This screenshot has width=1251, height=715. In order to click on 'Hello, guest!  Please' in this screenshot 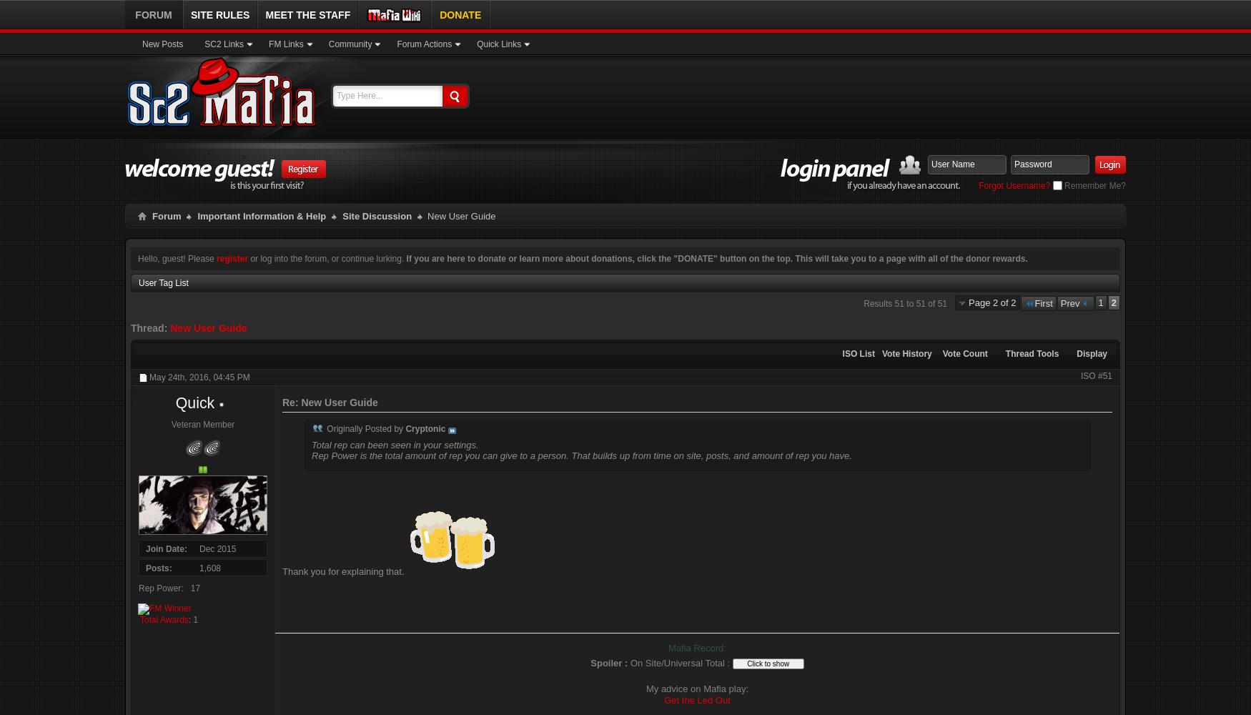, I will do `click(177, 258)`.